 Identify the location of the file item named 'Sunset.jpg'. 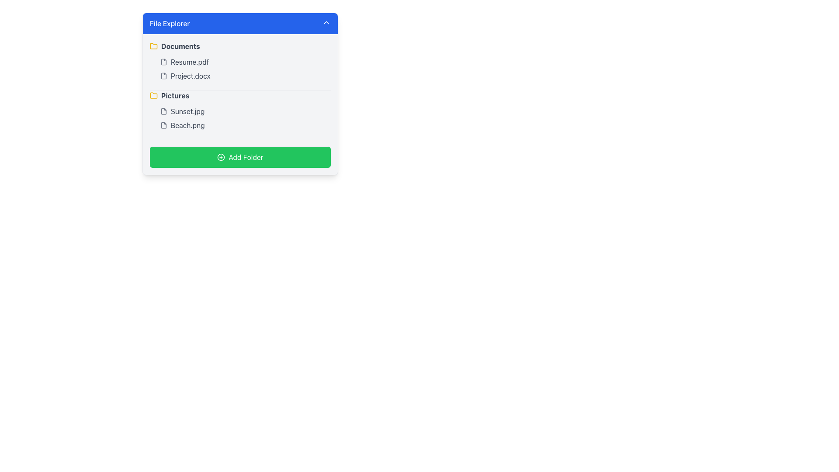
(245, 111).